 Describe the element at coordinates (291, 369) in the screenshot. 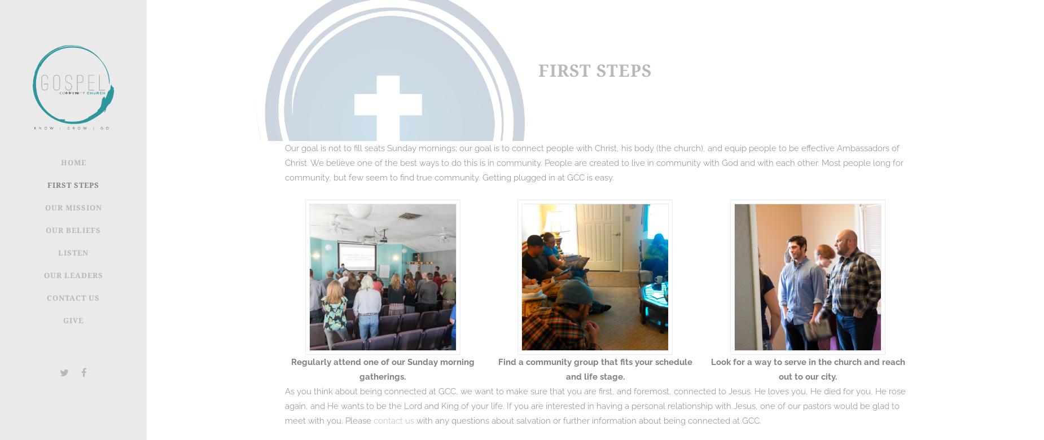

I see `'Regularly attend one of our Sunday morning gatherings.'` at that location.